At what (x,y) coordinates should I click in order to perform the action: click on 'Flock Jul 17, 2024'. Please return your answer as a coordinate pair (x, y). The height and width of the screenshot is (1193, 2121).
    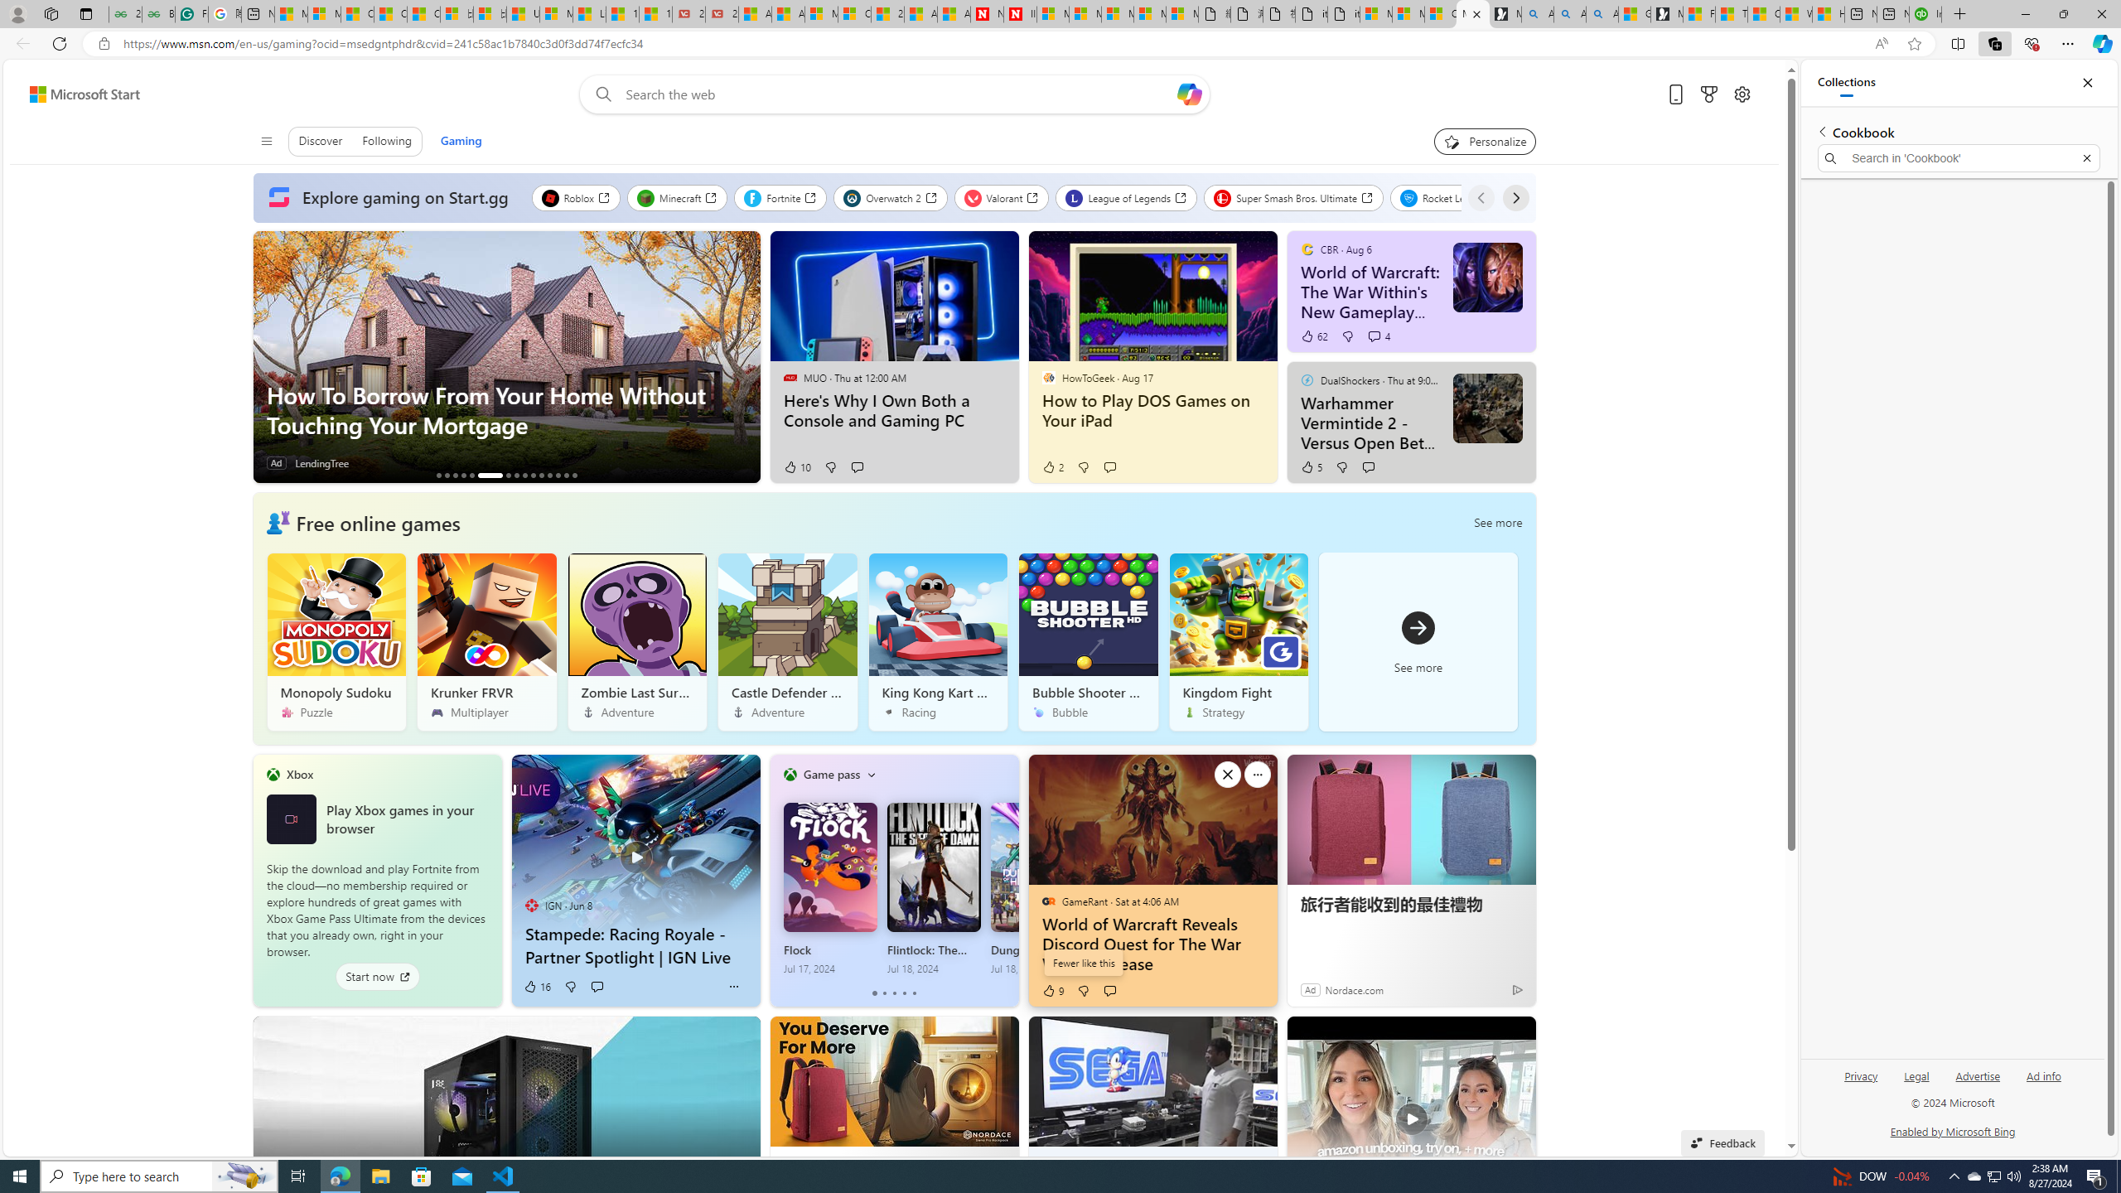
    Looking at the image, I should click on (830, 888).